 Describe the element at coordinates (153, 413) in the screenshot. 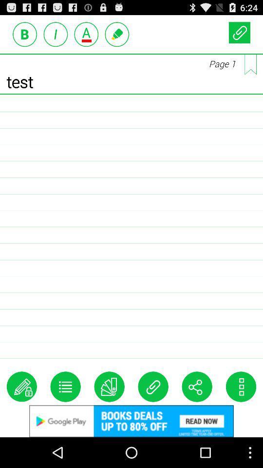

I see `the attach_file icon` at that location.